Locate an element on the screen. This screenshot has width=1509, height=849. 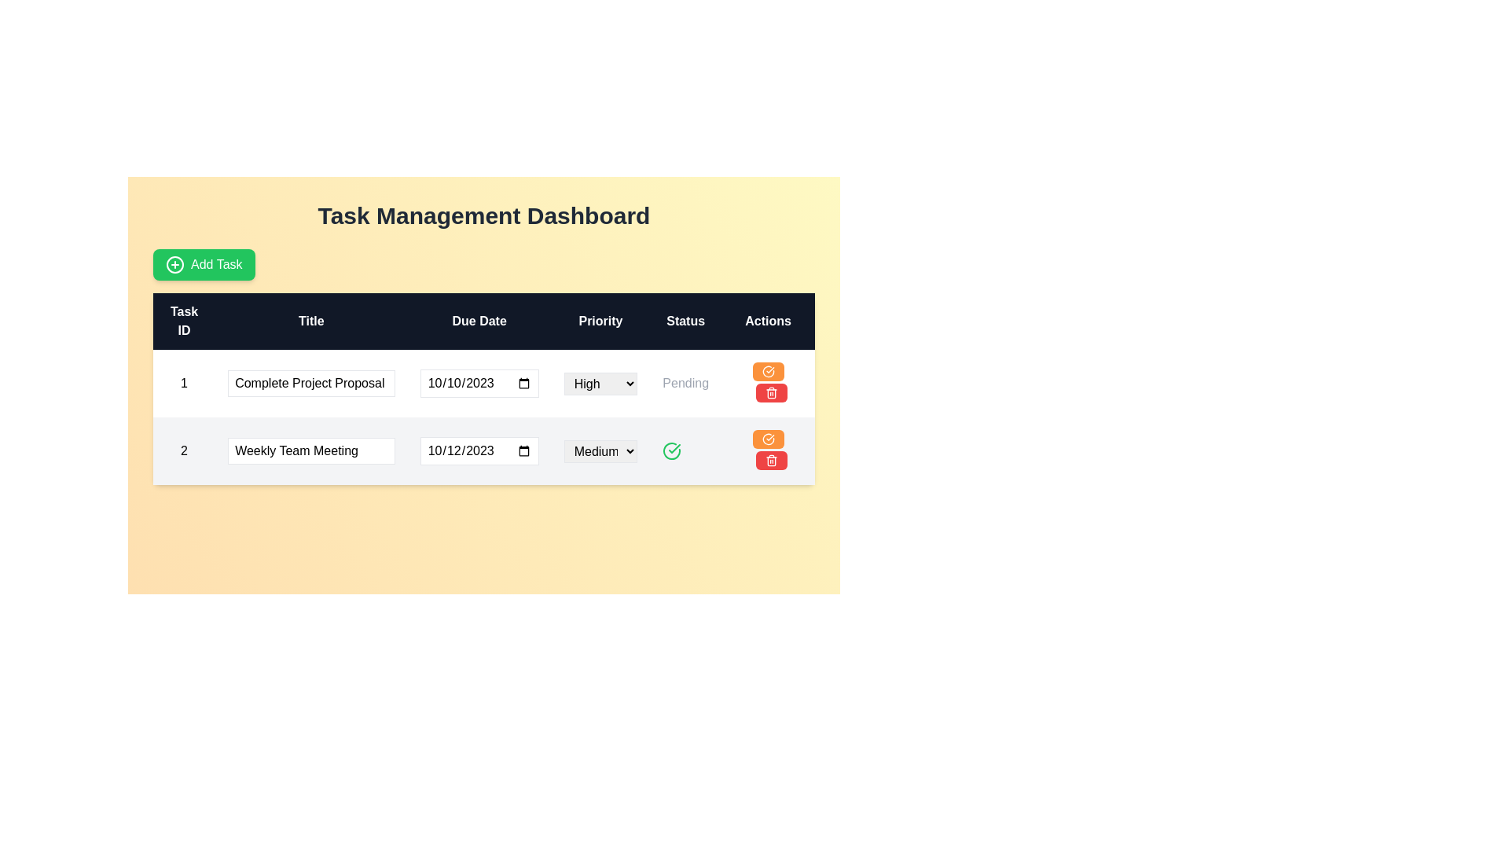
the red rectangular button with rounded corners that contains a white trash can icon is located at coordinates (771, 460).